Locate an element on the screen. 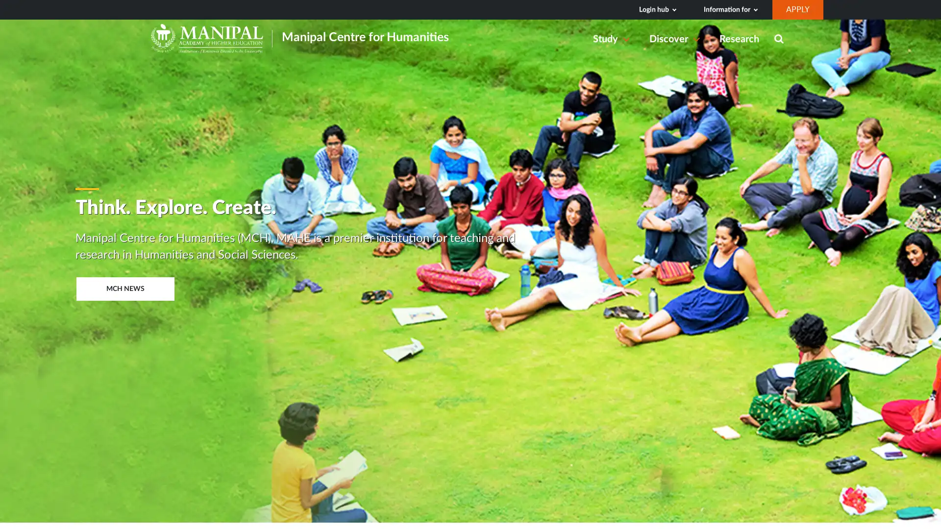 The width and height of the screenshot is (941, 529). Search button is located at coordinates (778, 39).